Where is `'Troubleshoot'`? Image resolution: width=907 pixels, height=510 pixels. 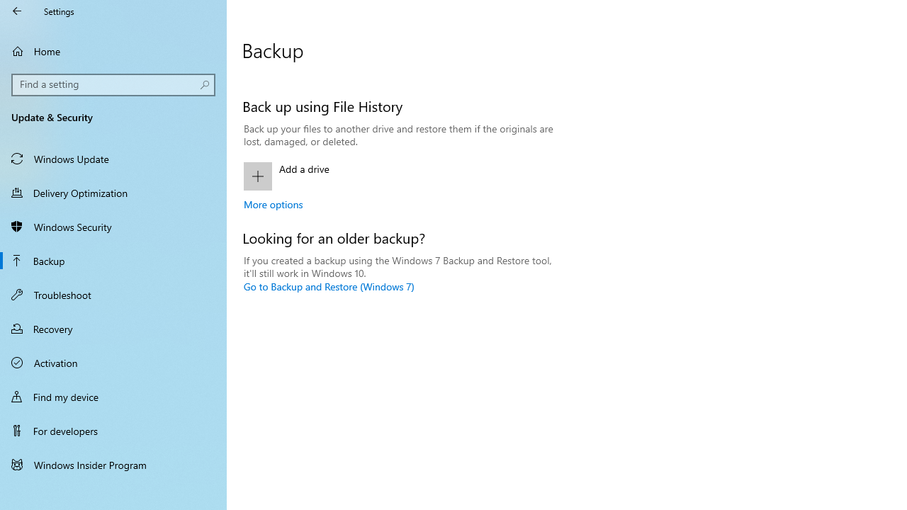 'Troubleshoot' is located at coordinates (113, 293).